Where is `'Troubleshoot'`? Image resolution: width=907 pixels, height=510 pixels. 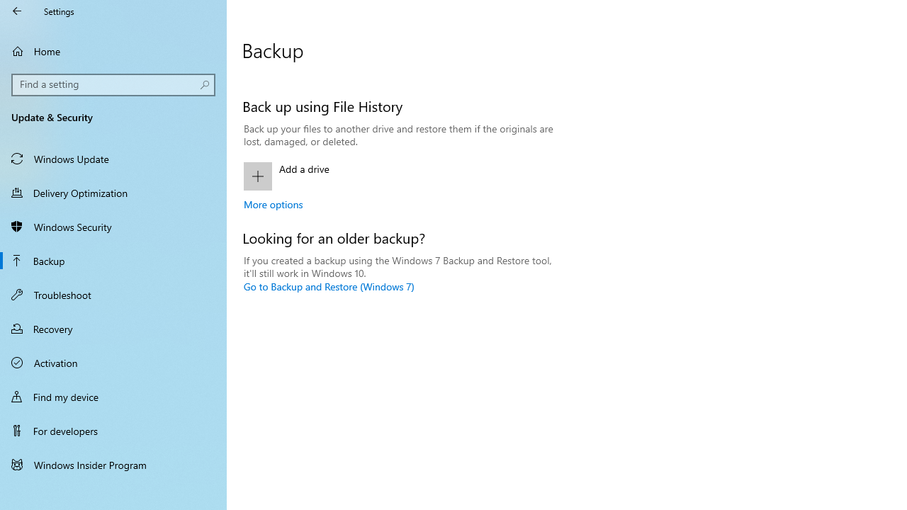 'Troubleshoot' is located at coordinates (113, 293).